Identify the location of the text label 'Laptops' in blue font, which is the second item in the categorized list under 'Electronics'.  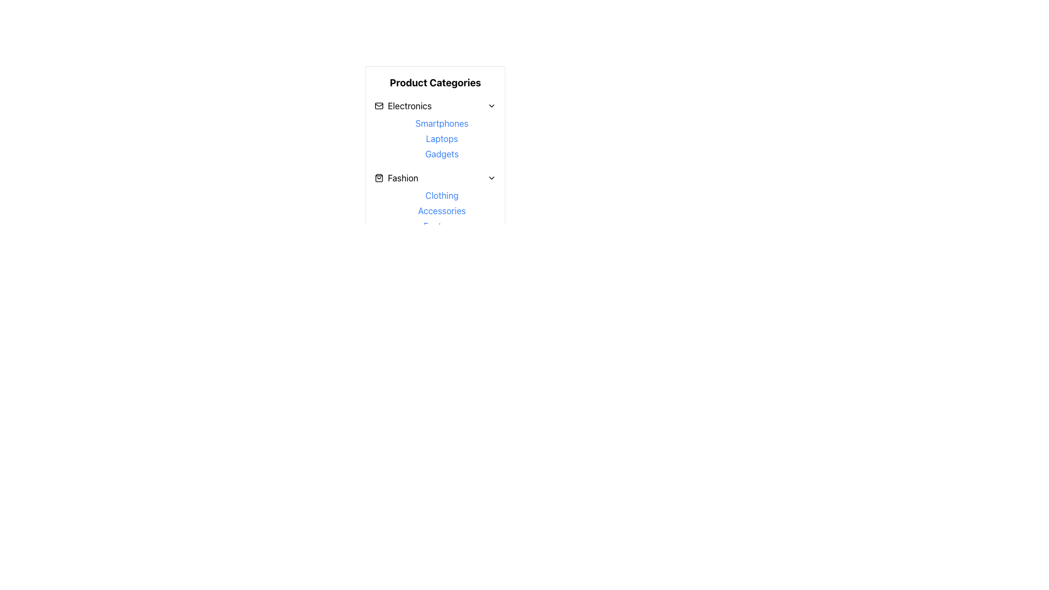
(442, 138).